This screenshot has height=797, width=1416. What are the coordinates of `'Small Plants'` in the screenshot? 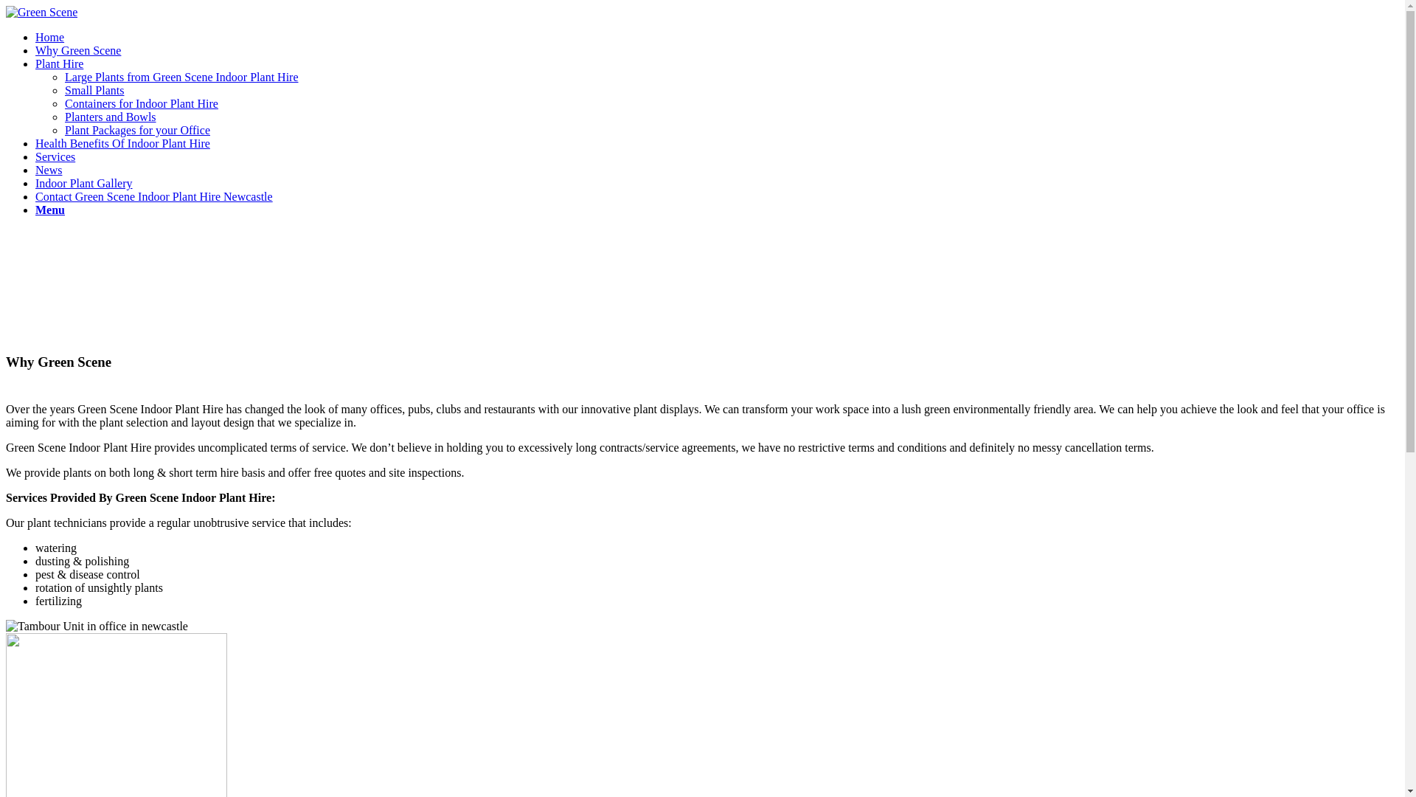 It's located at (94, 90).